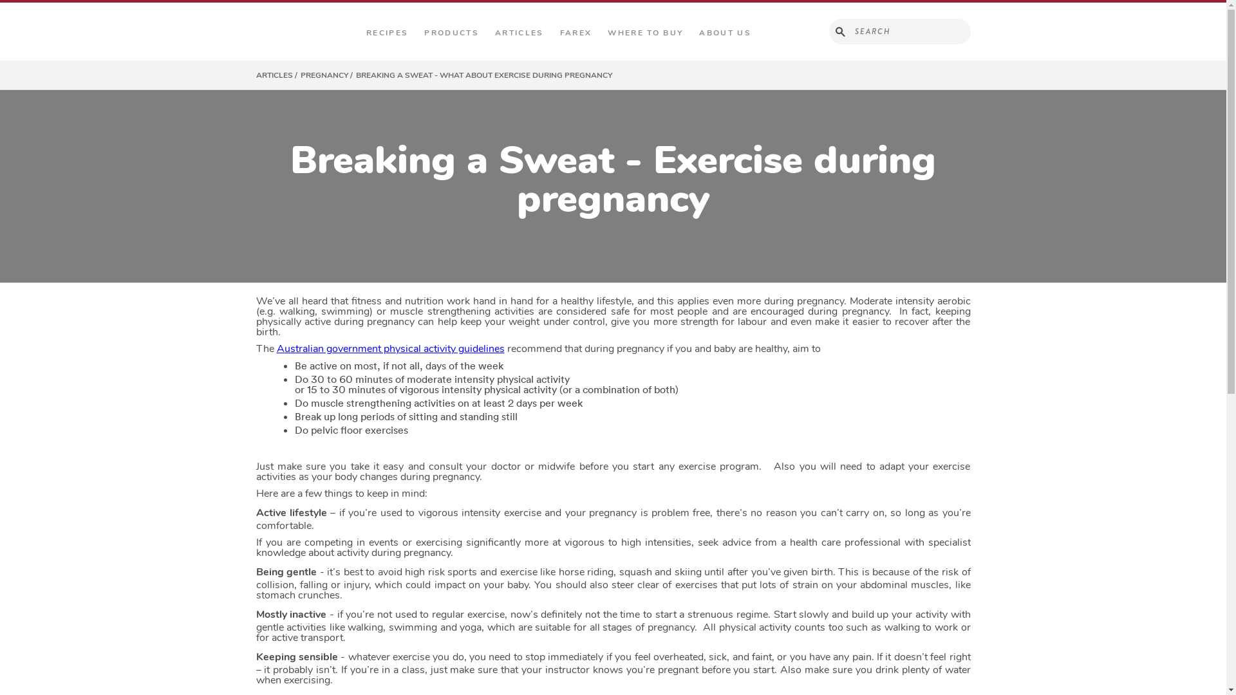  I want to click on 'PRODUCTS', so click(420, 32).